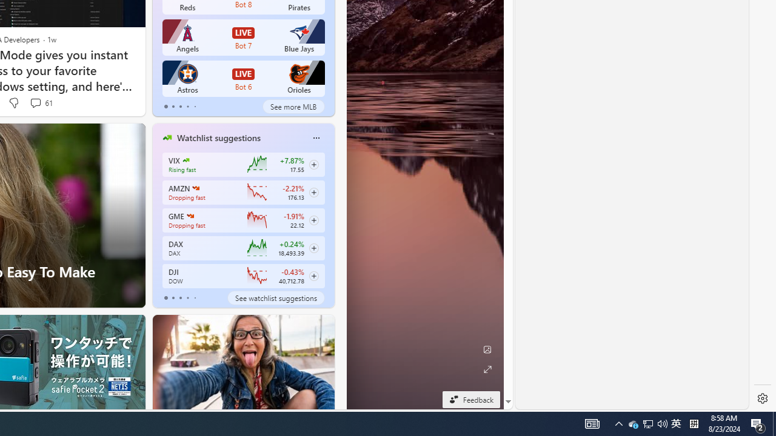  I want to click on 'View comments 61 Comment', so click(35, 102).